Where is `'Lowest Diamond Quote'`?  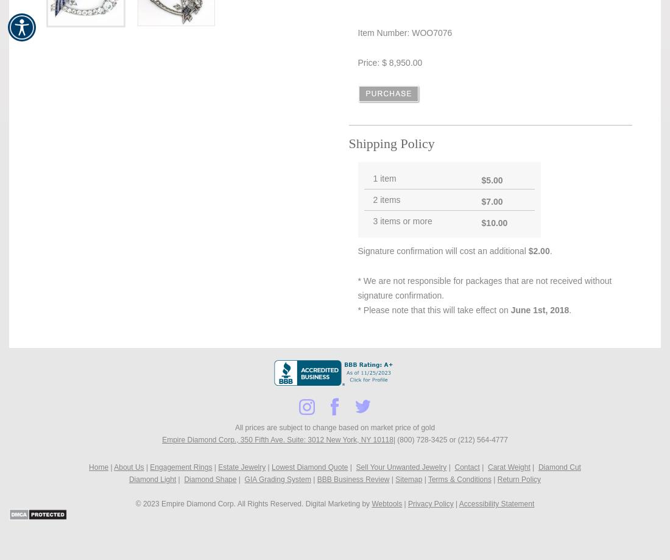
'Lowest Diamond Quote' is located at coordinates (309, 467).